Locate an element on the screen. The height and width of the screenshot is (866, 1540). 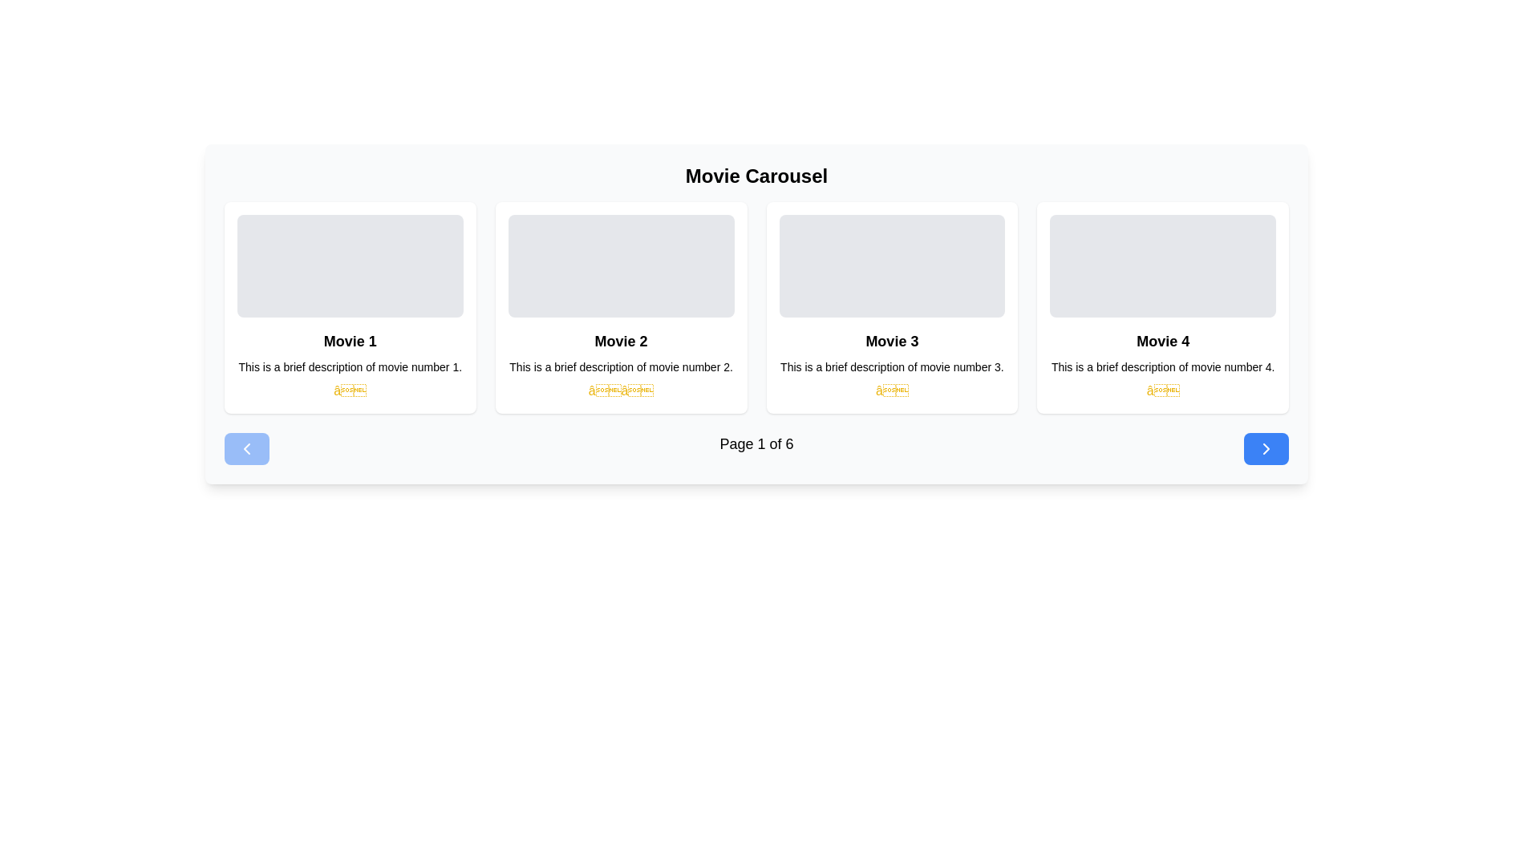
the Chevron-Right icon located in the blue circular button at the bottom-right corner of the interface is located at coordinates (1266, 448).